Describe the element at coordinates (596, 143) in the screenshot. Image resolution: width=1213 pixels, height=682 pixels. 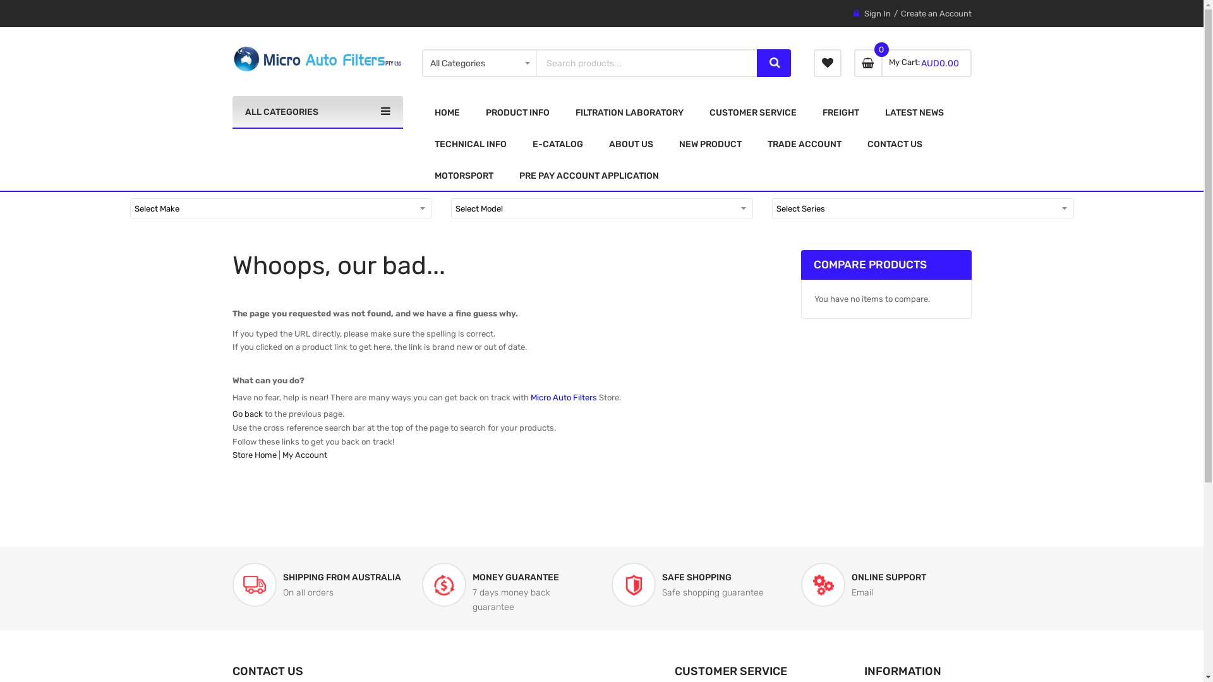
I see `'ABOUT US'` at that location.